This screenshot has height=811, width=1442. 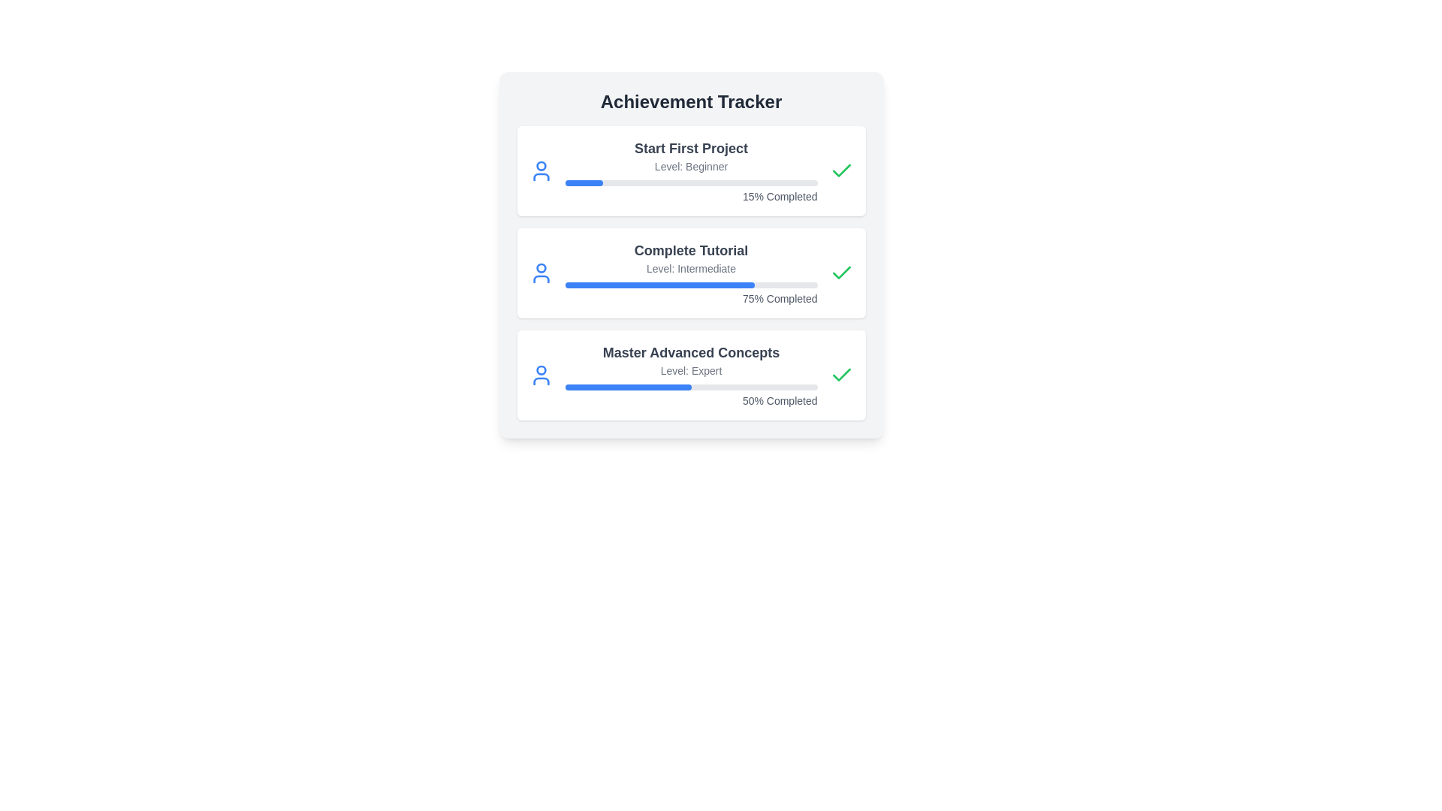 What do you see at coordinates (690, 273) in the screenshot?
I see `the Progress tracker section that displays progress information about the task 'Complete Tutorial'` at bounding box center [690, 273].